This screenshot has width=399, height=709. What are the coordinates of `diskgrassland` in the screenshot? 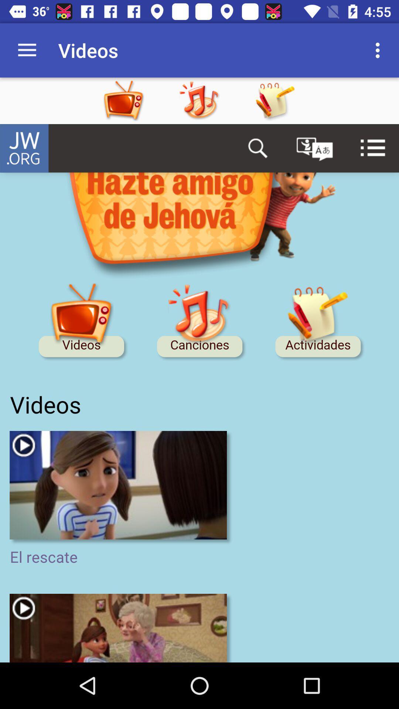 It's located at (199, 393).